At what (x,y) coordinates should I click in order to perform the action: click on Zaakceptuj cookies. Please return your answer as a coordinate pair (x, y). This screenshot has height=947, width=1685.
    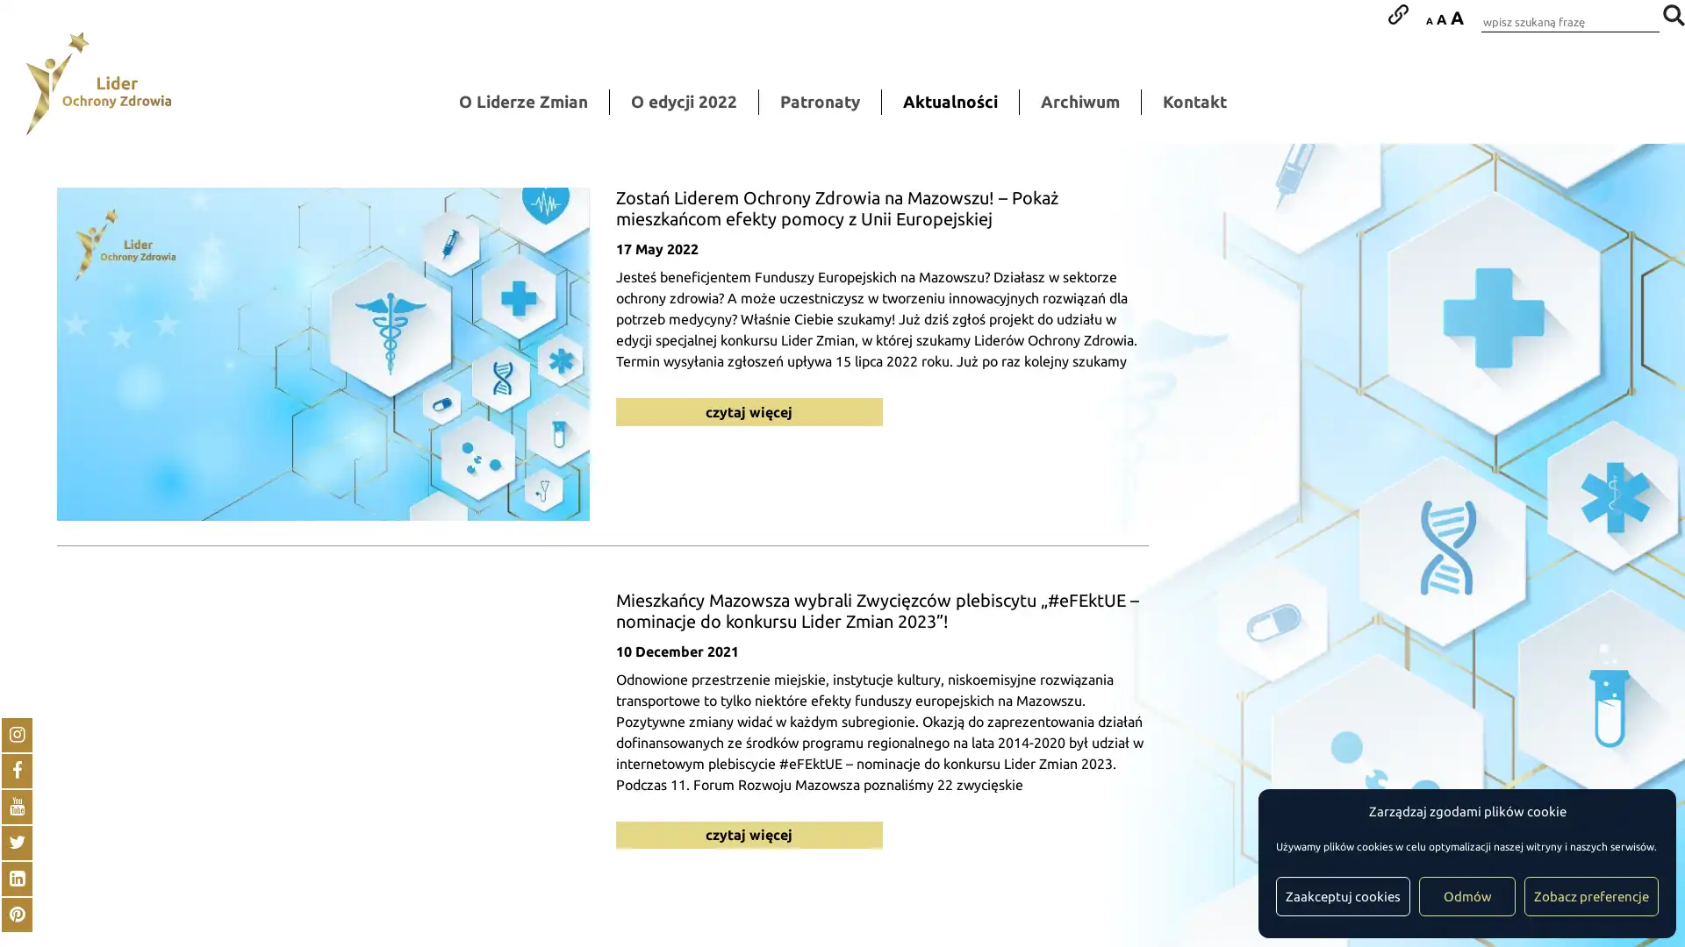
    Looking at the image, I should click on (1342, 896).